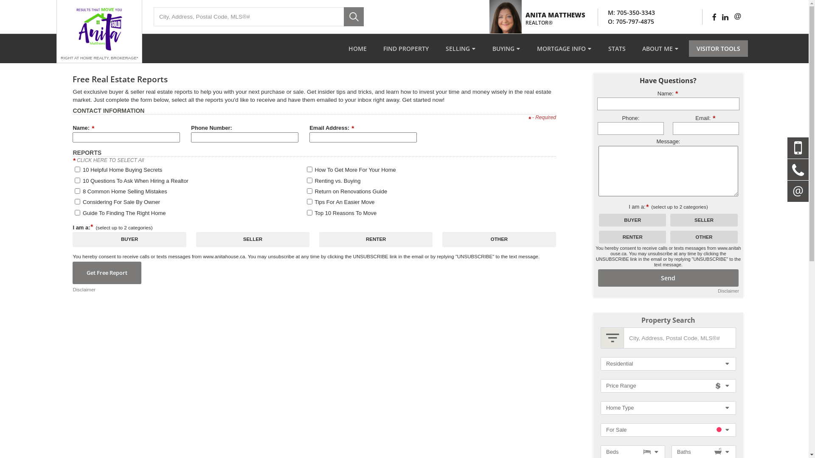 The height and width of the screenshot is (458, 815). What do you see at coordinates (617, 12) in the screenshot?
I see `'705-350-3343'` at bounding box center [617, 12].